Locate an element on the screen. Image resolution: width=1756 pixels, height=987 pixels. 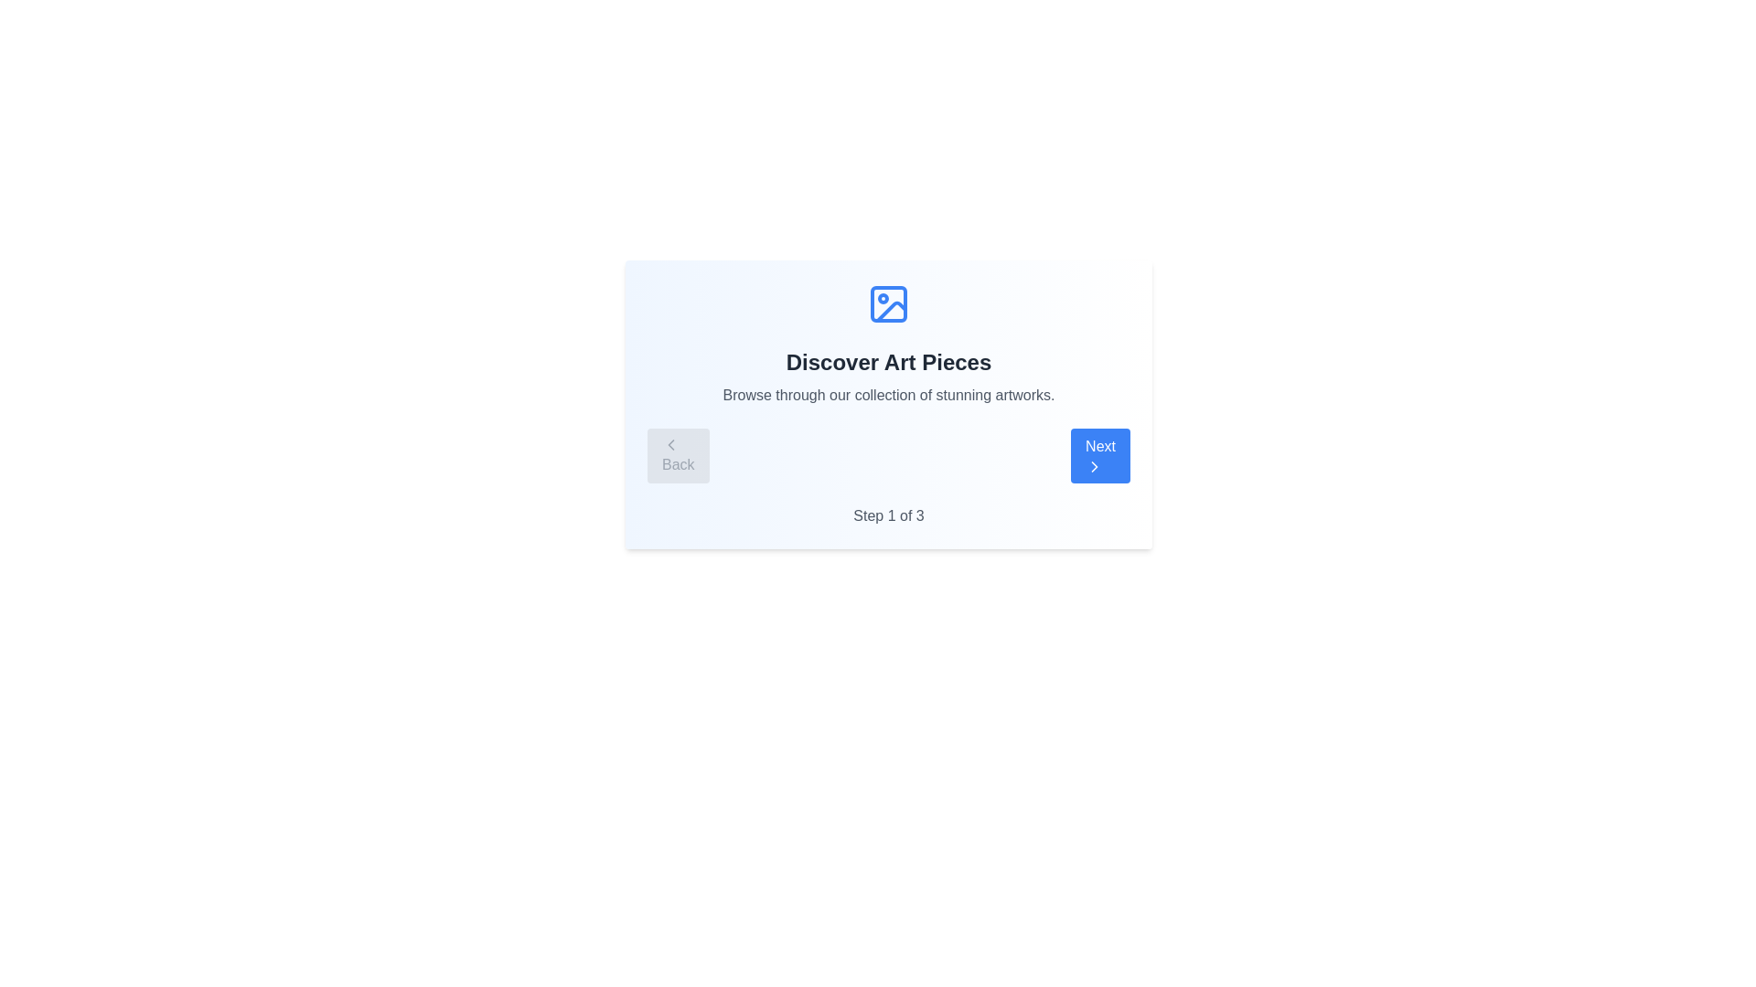
the navigation button to move to the Next step is located at coordinates (1099, 454).